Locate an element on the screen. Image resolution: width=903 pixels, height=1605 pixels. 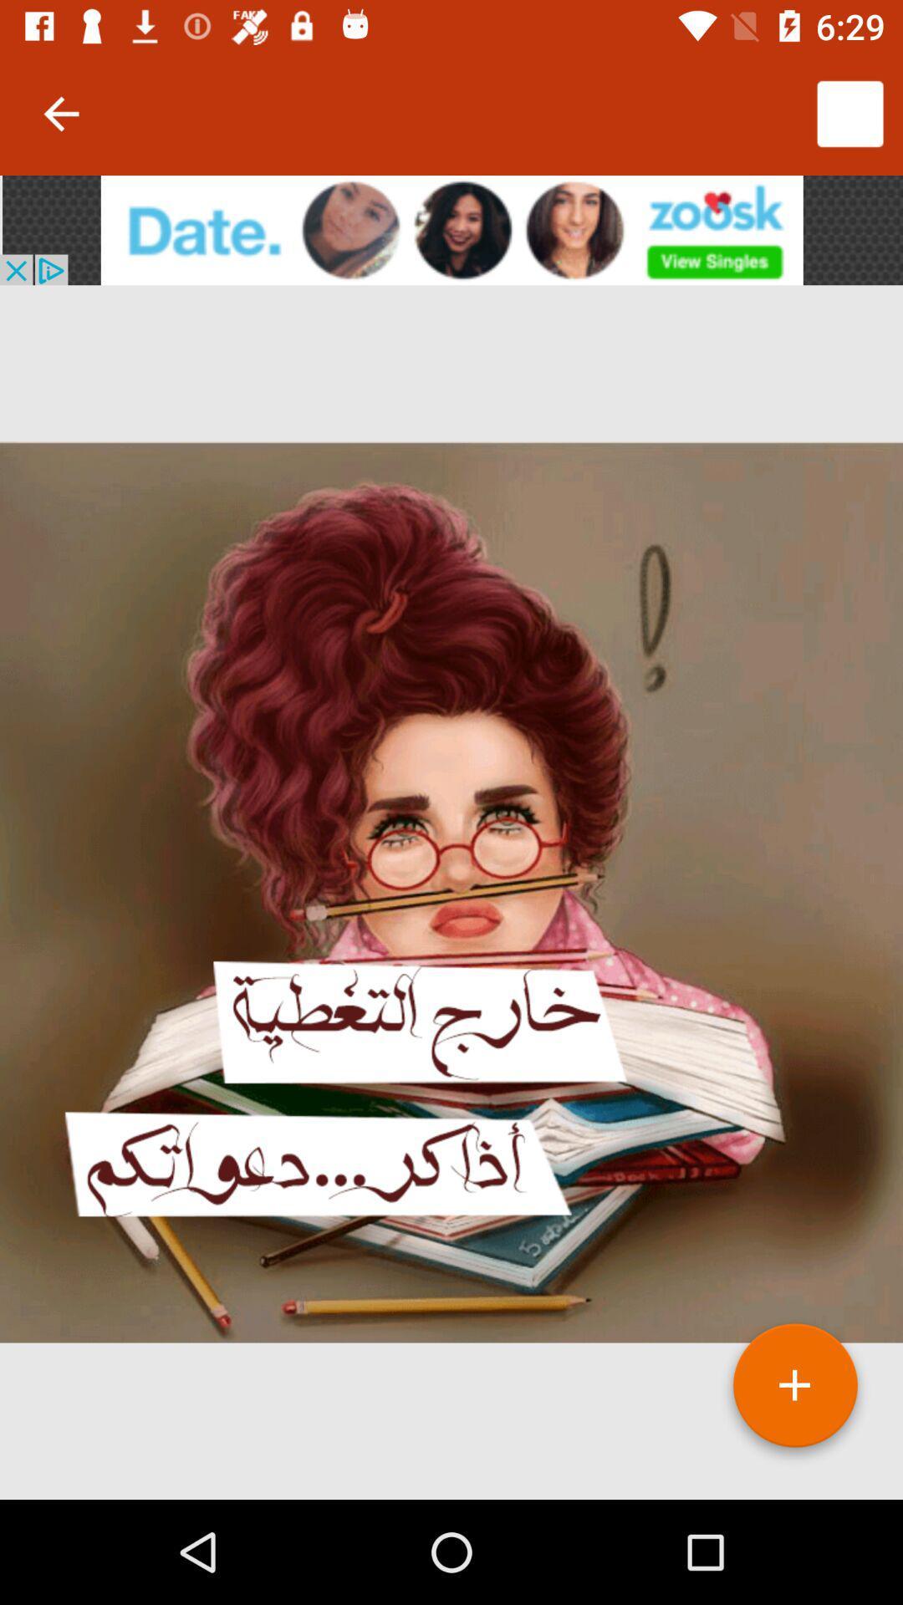
photo icon is located at coordinates (794, 1392).